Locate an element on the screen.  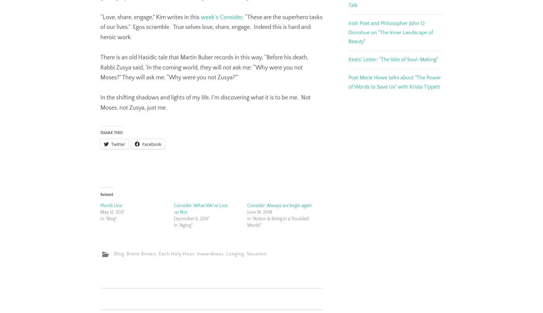
'. “These are the superhero tasks of our lives.”  Egos scramble.  True selves love, share, engage.  Indeed this is hard and heroic work.' is located at coordinates (100, 27).